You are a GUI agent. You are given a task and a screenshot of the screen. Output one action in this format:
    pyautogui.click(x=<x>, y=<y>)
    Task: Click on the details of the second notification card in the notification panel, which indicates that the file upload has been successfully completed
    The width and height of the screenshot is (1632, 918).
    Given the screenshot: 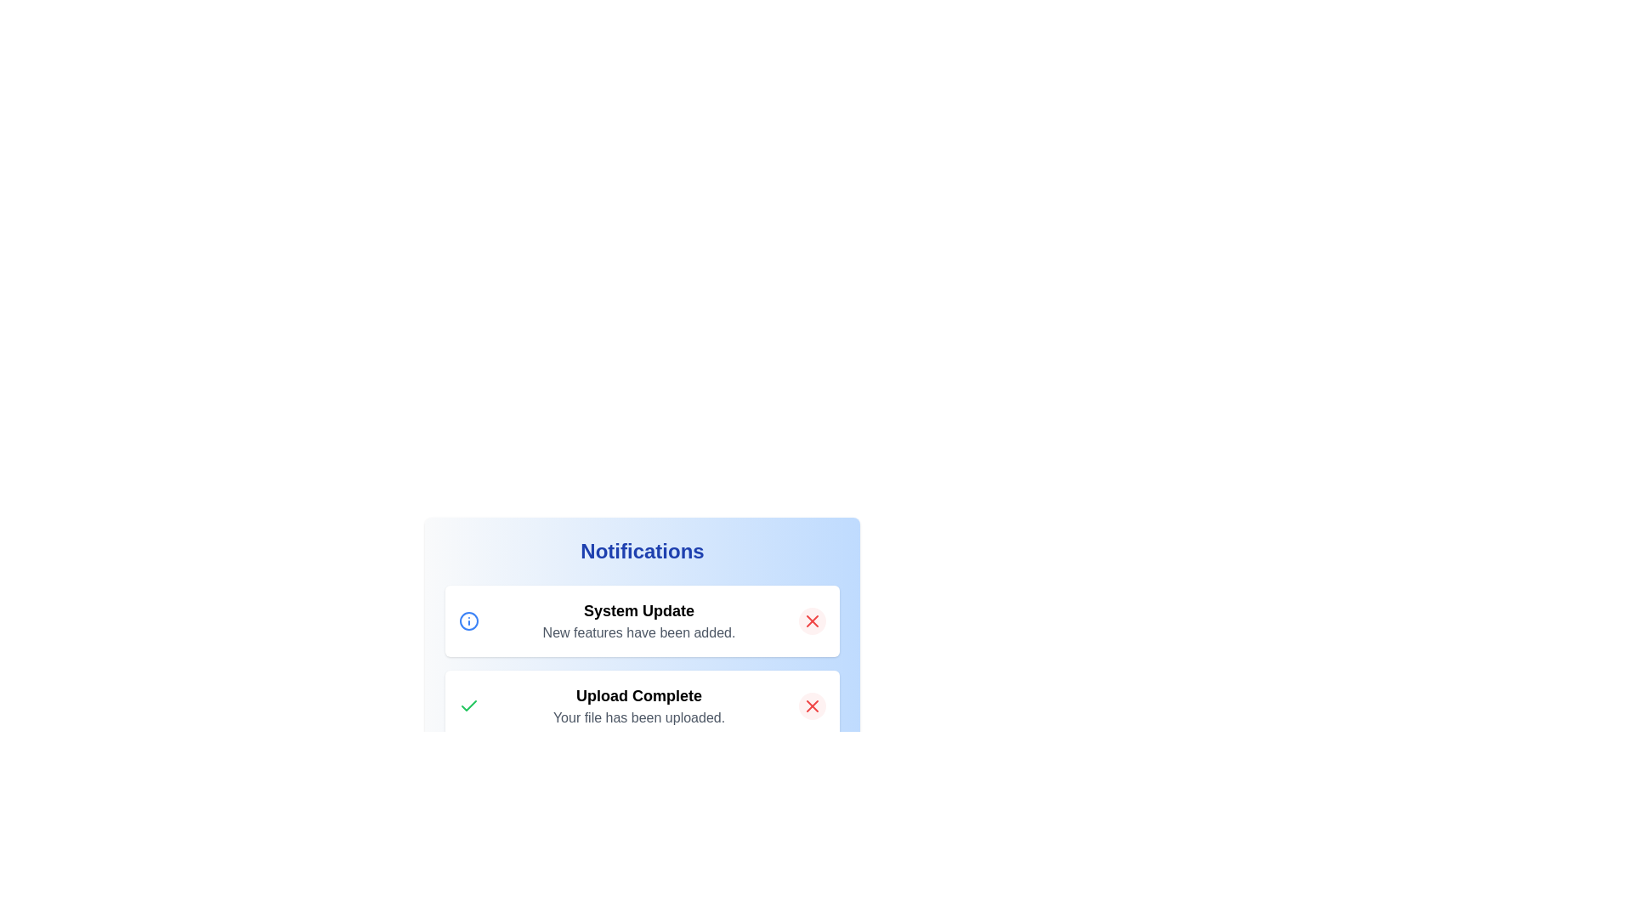 What is the action you would take?
    pyautogui.click(x=641, y=681)
    